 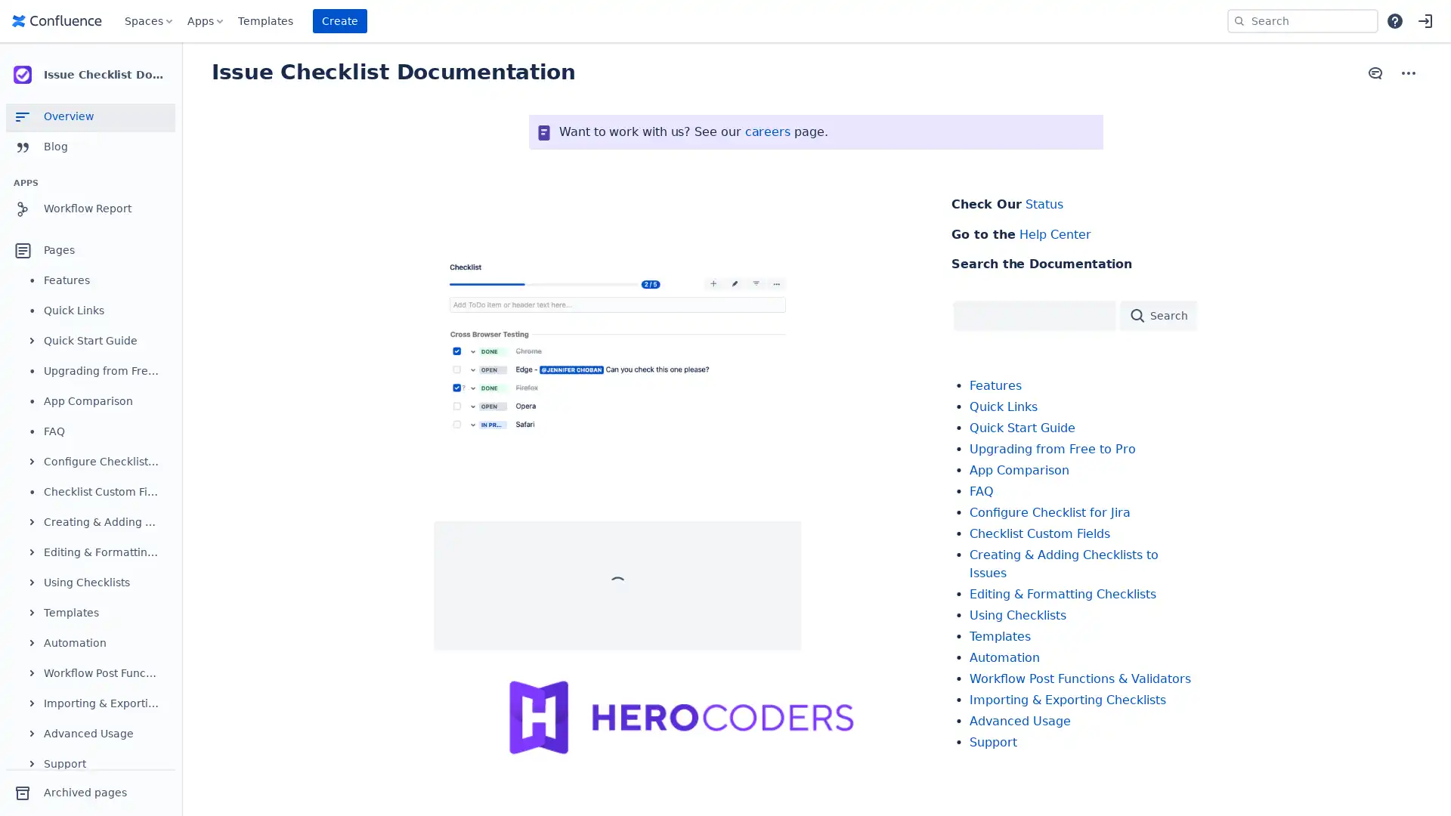 What do you see at coordinates (90, 147) in the screenshot?
I see `Blog` at bounding box center [90, 147].